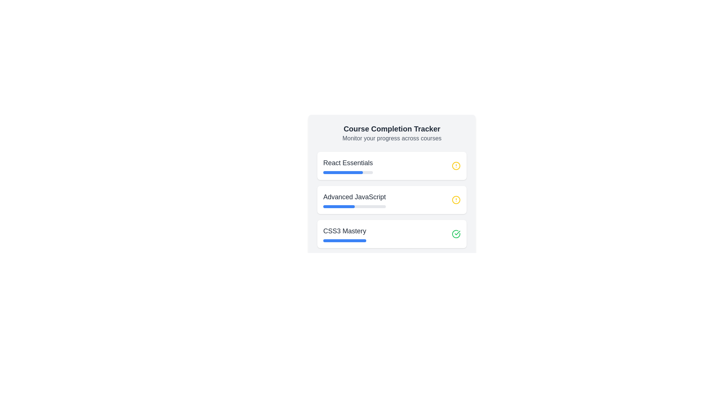 The width and height of the screenshot is (711, 400). I want to click on the text element displaying 'Monitor your progress across courses', which is located beneath the 'Course Completion Tracker' heading, so click(391, 139).